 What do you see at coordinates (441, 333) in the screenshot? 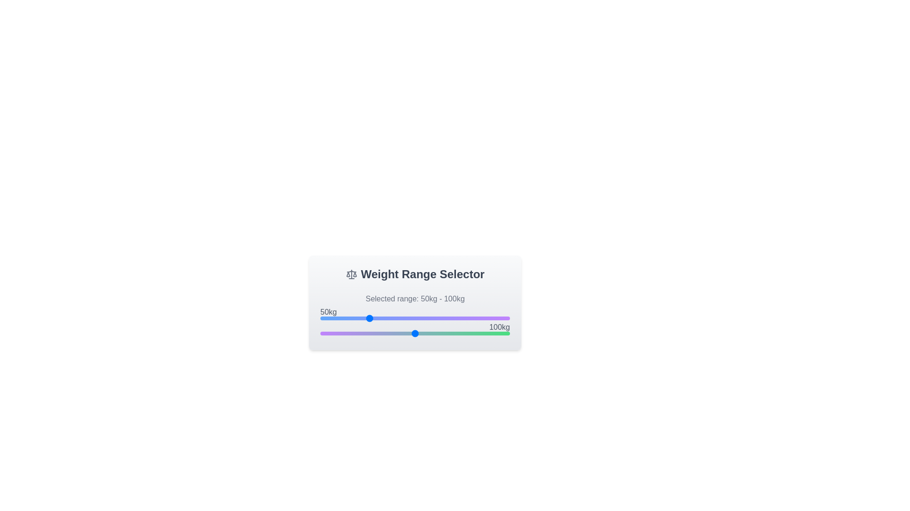
I see `the right slider to set the maximum weight to 128 kg` at bounding box center [441, 333].